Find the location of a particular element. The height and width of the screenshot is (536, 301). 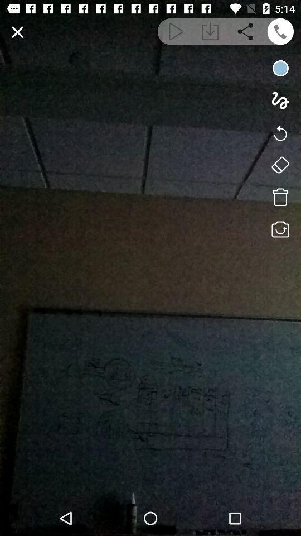

play is located at coordinates (175, 31).